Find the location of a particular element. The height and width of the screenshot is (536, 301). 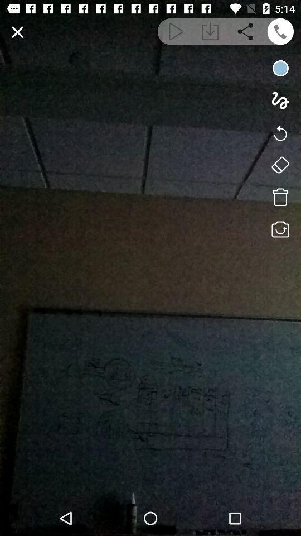

play is located at coordinates (175, 31).